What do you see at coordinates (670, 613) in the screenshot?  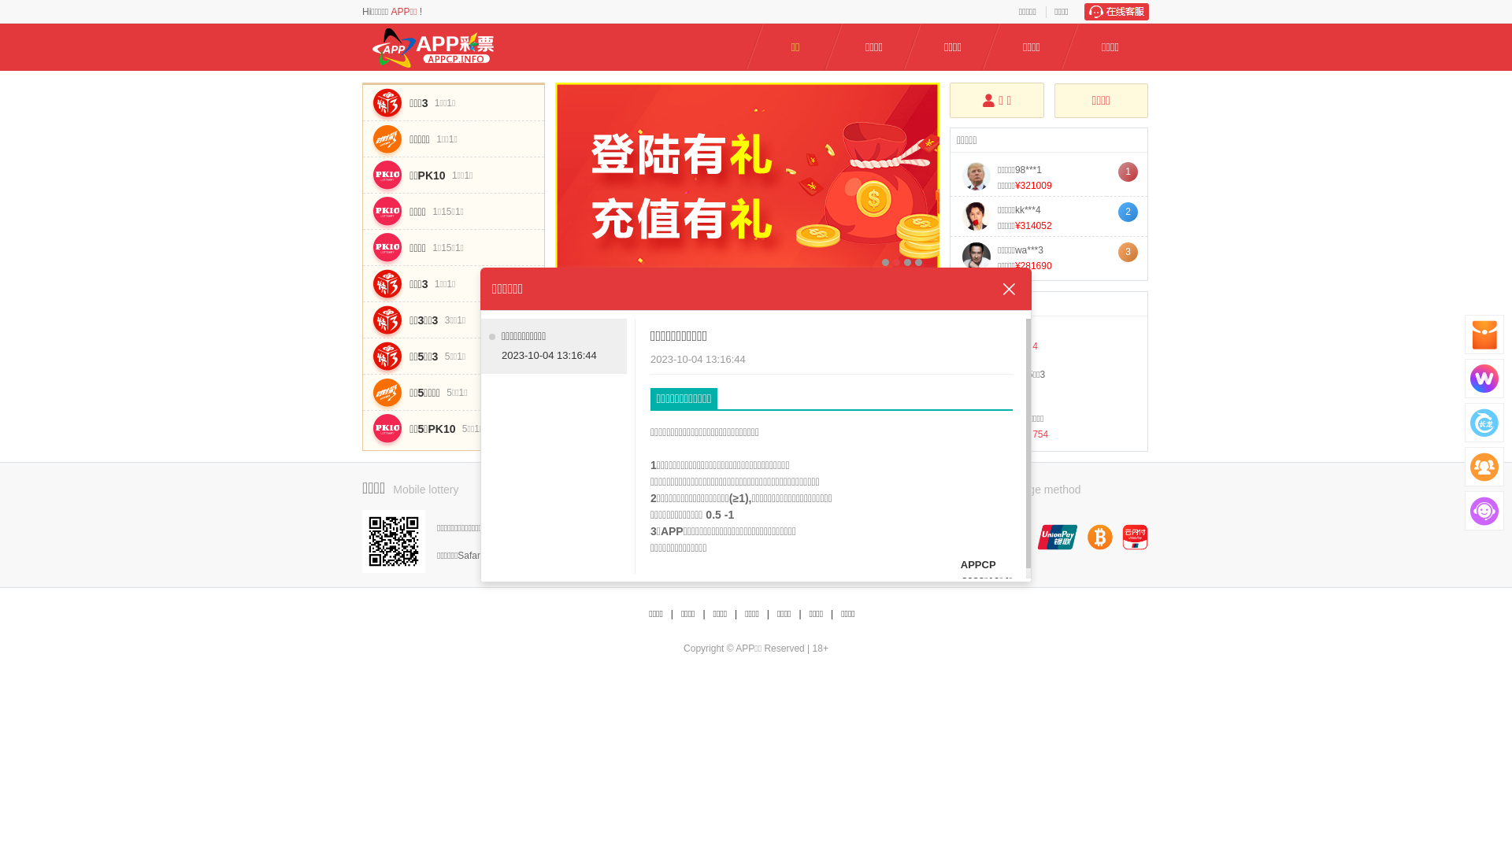 I see `'|'` at bounding box center [670, 613].